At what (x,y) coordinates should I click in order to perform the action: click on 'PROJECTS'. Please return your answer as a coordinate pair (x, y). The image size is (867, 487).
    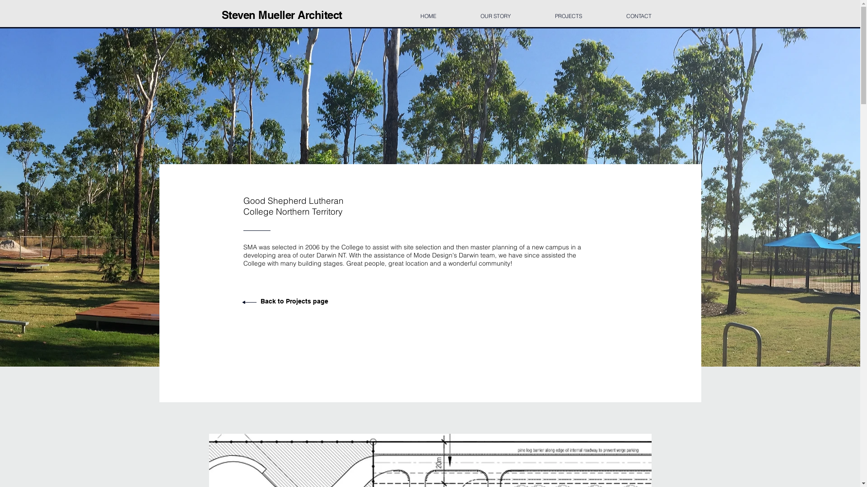
    Looking at the image, I should click on (533, 12).